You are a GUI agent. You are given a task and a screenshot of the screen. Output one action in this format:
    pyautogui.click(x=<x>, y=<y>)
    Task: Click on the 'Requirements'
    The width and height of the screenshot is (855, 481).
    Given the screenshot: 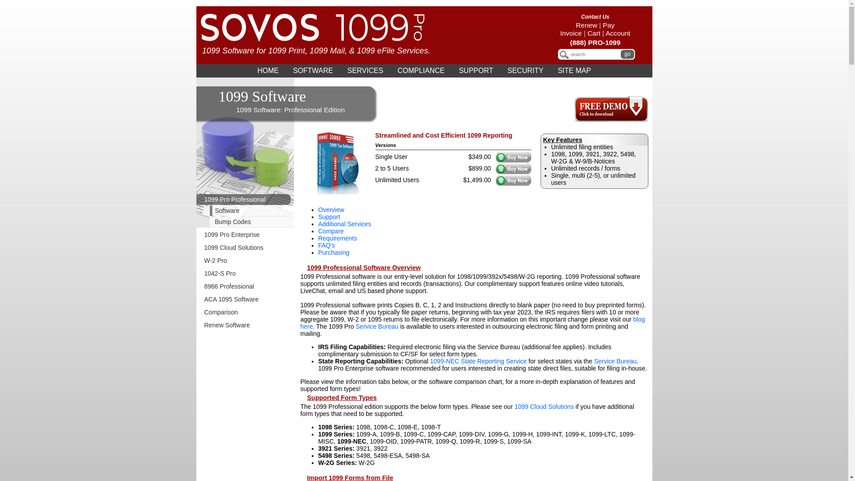 What is the action you would take?
    pyautogui.click(x=337, y=238)
    